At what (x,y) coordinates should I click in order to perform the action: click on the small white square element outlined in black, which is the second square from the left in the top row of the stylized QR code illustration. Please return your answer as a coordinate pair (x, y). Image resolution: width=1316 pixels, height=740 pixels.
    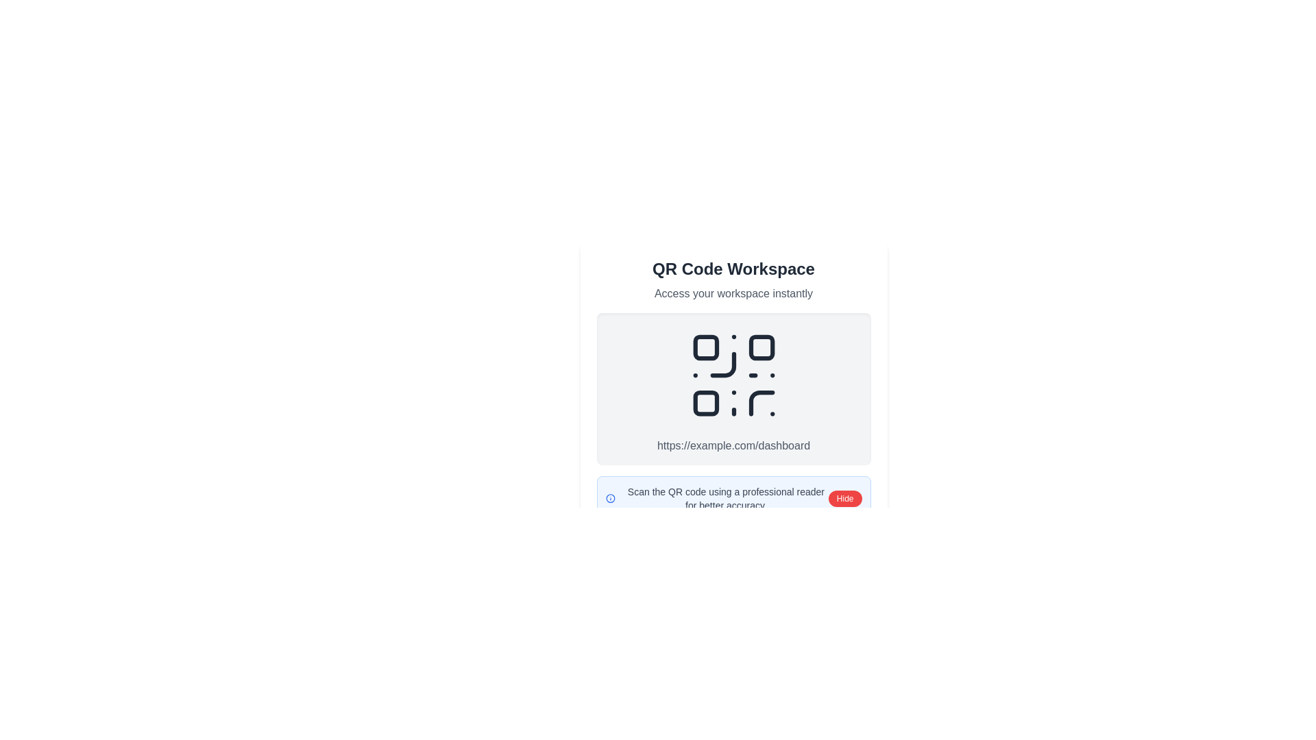
    Looking at the image, I should click on (761, 347).